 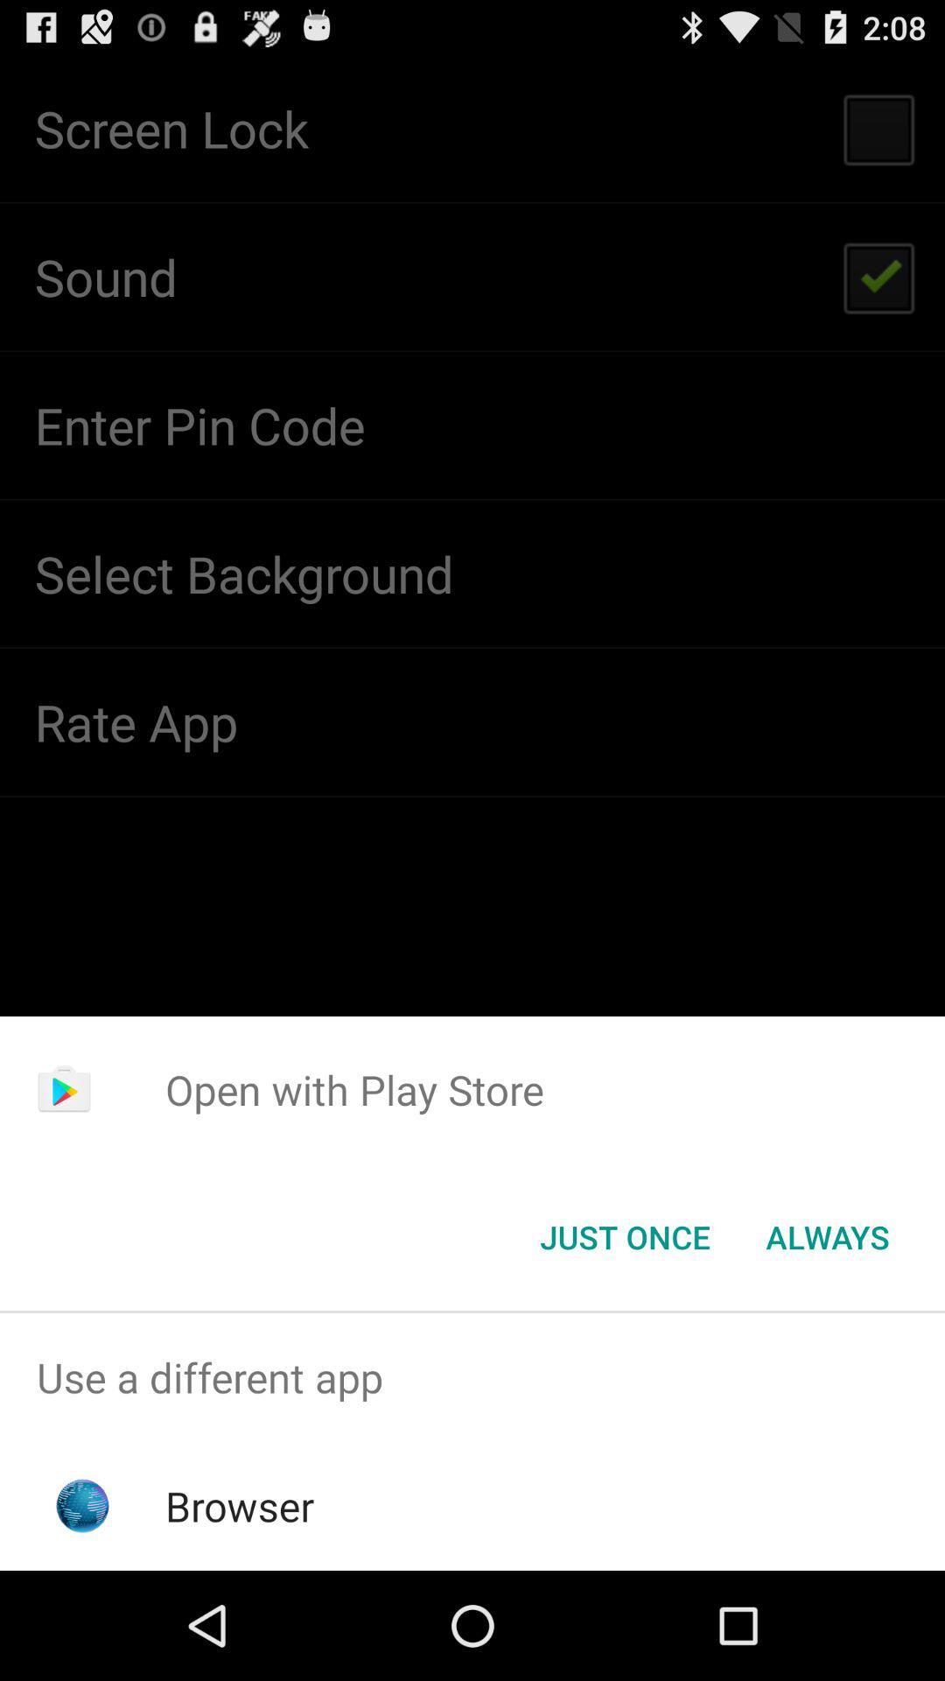 What do you see at coordinates (240, 1505) in the screenshot?
I see `icon below use a different app` at bounding box center [240, 1505].